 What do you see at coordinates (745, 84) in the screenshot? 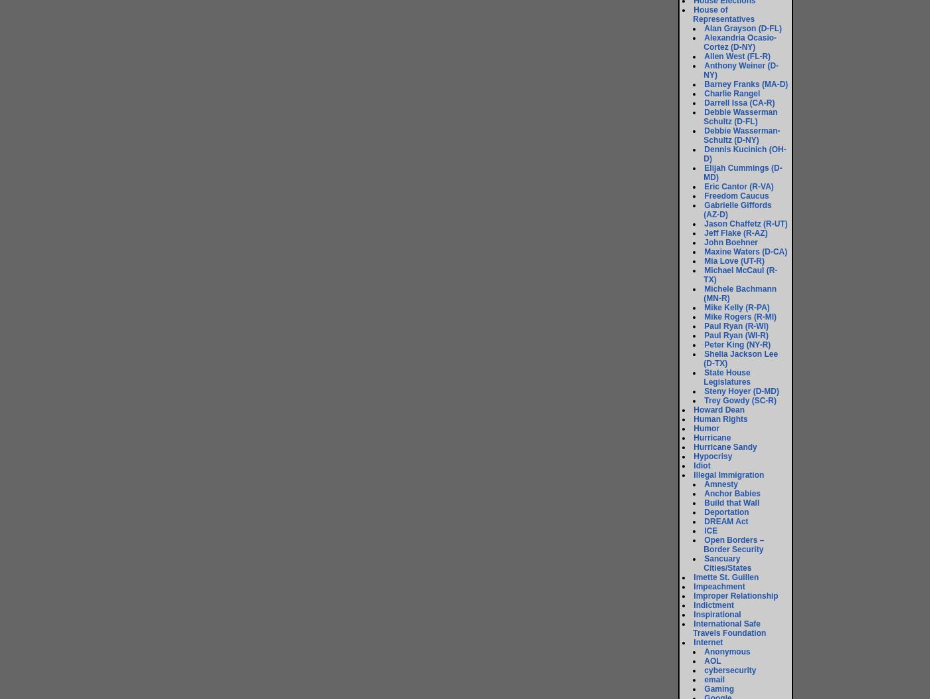
I see `'Barney Franks (MA-D)'` at bounding box center [745, 84].